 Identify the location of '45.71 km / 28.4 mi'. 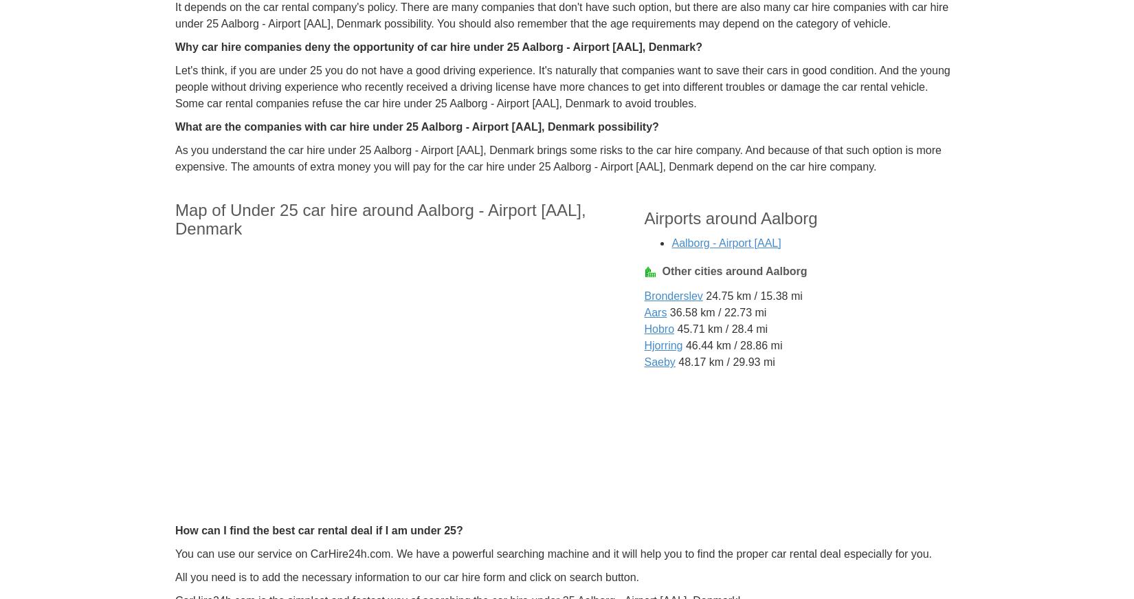
(721, 329).